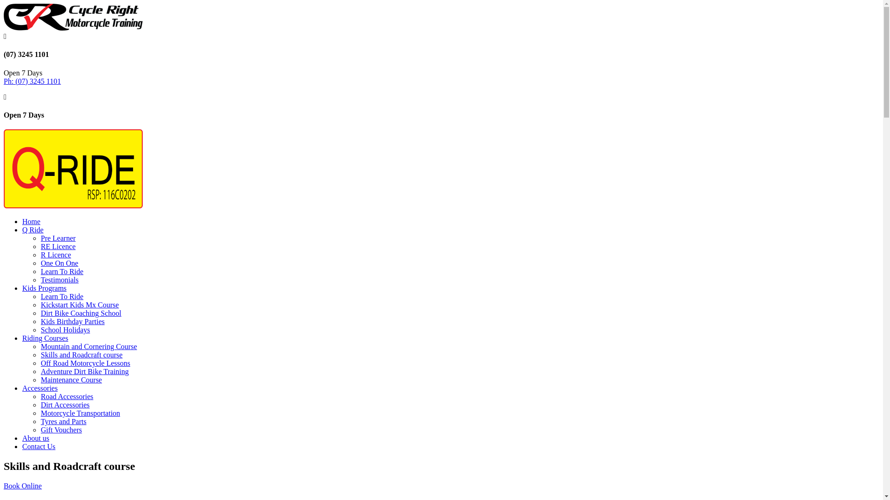 The width and height of the screenshot is (890, 500). What do you see at coordinates (40, 354) in the screenshot?
I see `'Skills and Roadcraft course'` at bounding box center [40, 354].